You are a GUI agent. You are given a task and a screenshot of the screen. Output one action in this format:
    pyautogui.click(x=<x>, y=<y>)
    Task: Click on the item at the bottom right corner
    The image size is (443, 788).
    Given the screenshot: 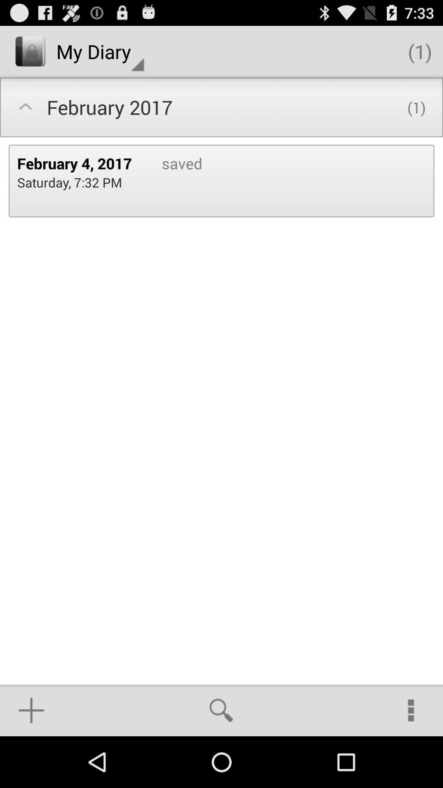 What is the action you would take?
    pyautogui.click(x=411, y=710)
    